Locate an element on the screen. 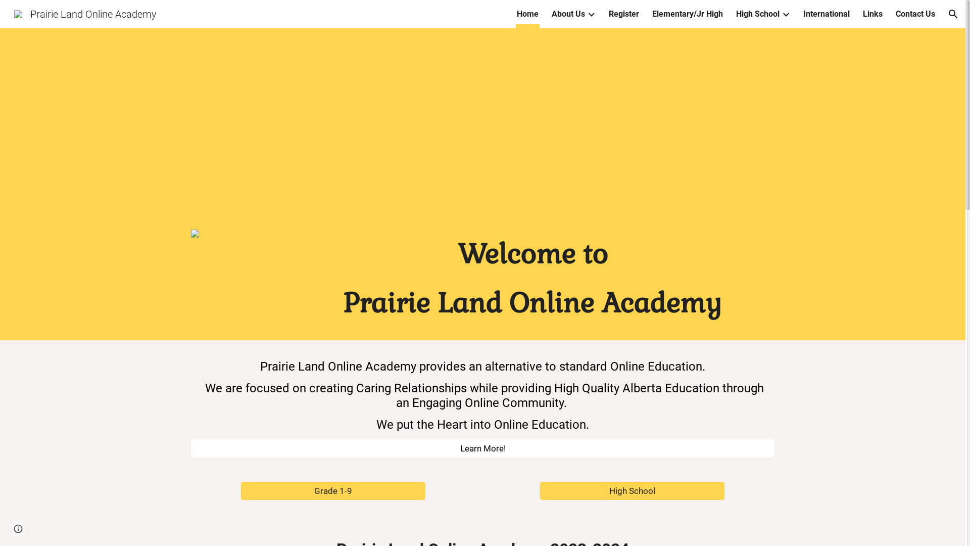  'International' is located at coordinates (827, 14).